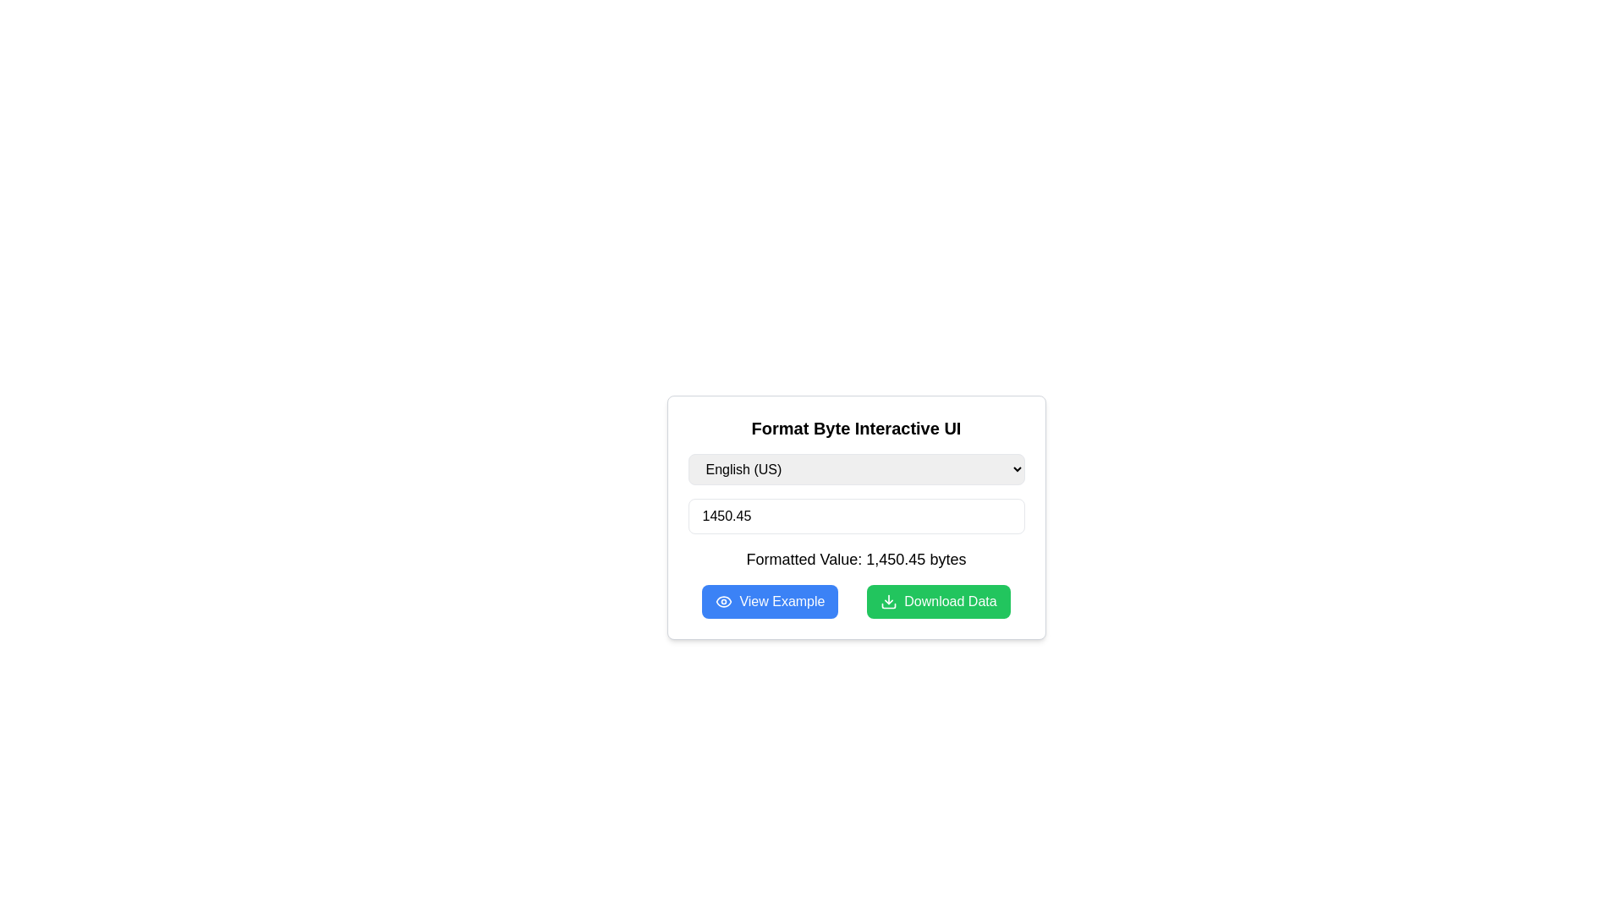  I want to click on the second button in the horizontal group located at the bottom of the central interactive section, so click(937, 601).